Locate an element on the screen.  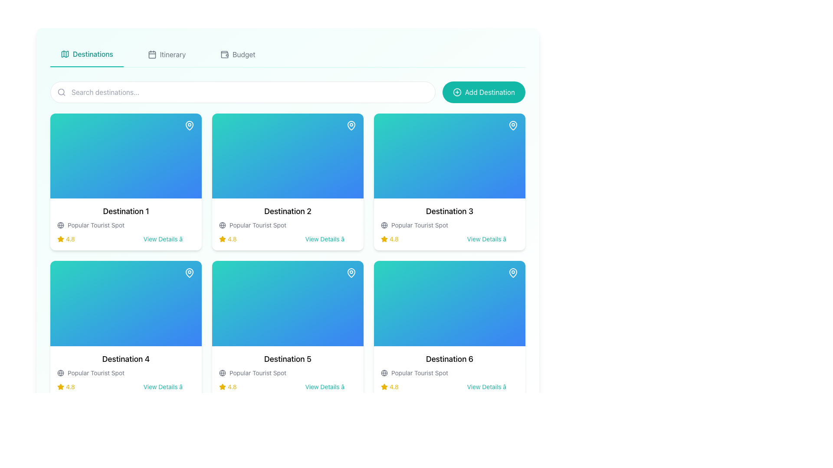
the image section of the card titled 'Destination 3', which is a rectangular component with a gradient background in the top-right corner of the grid layout is located at coordinates (449, 156).